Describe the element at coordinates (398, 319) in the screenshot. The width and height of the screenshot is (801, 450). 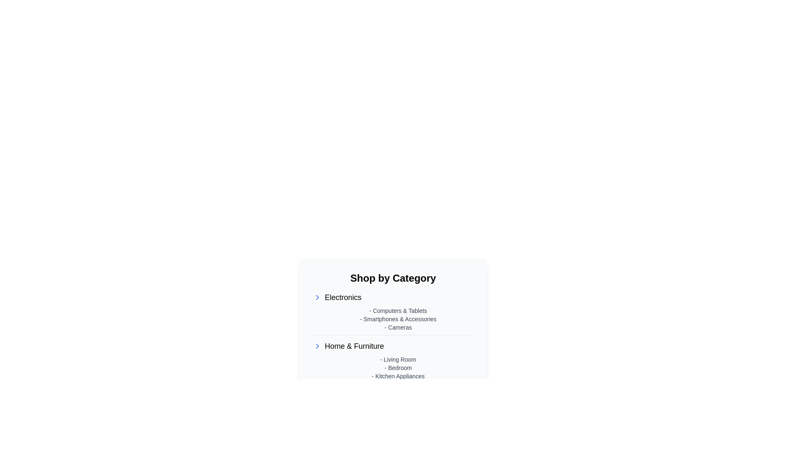
I see `the static text label displaying '- Smartphones & Accessories', which is the second item in the 'Electronics' category list` at that location.